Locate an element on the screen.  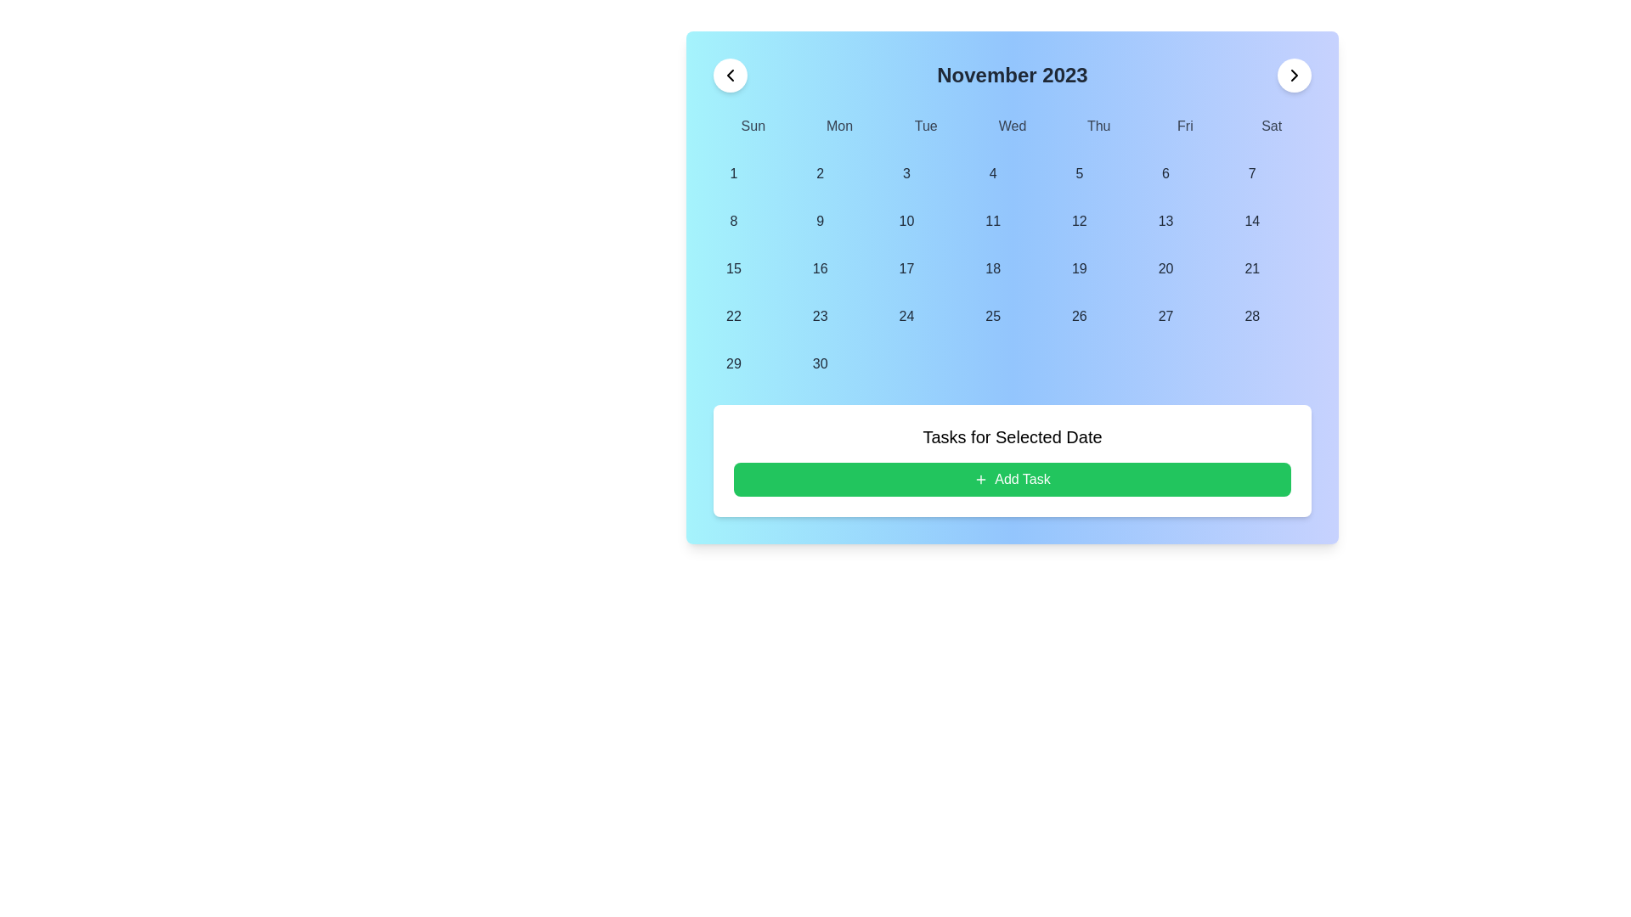
the left-pointing arrow icon inside the circular button located at the top-left corner of the calendar is located at coordinates (730, 74).